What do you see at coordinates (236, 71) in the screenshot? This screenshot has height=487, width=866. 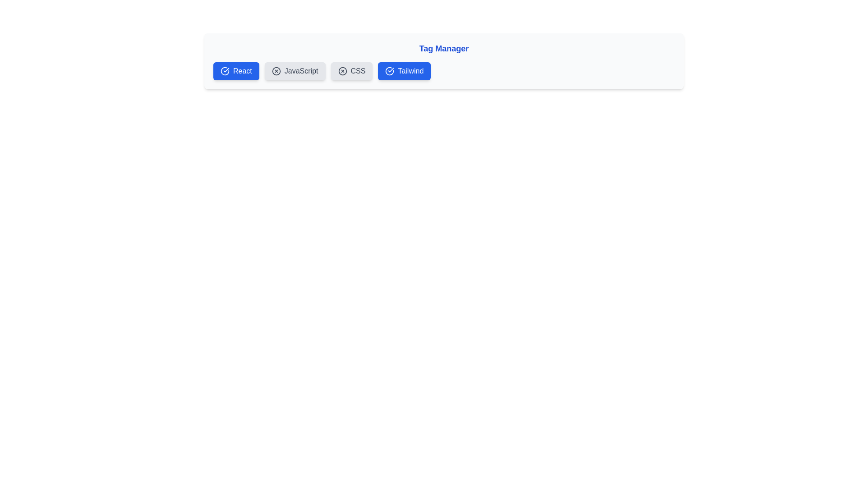 I see `the tag labeled React` at bounding box center [236, 71].